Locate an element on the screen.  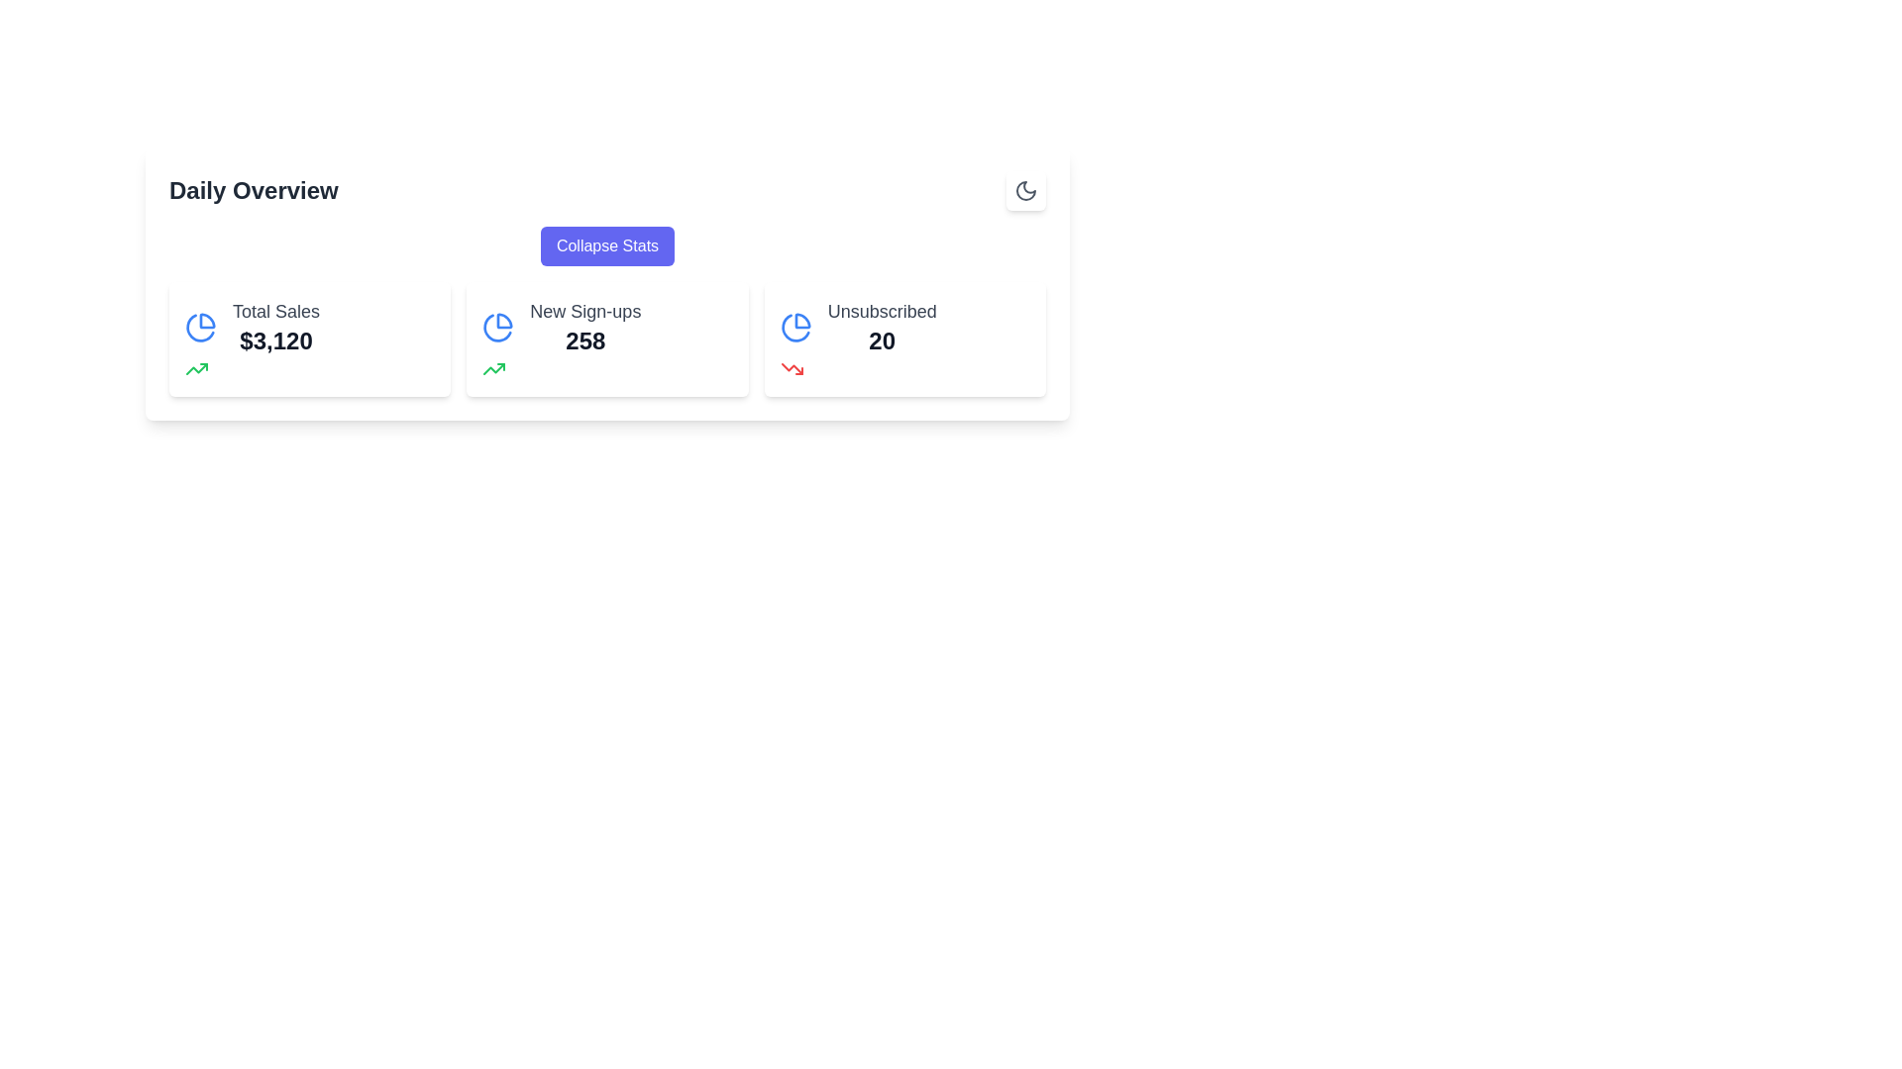
the Text Label that identifies the 'New Sign-ups' section, which is positioned between 'Total Sales' and 'Unsubscribed' is located at coordinates (584, 312).